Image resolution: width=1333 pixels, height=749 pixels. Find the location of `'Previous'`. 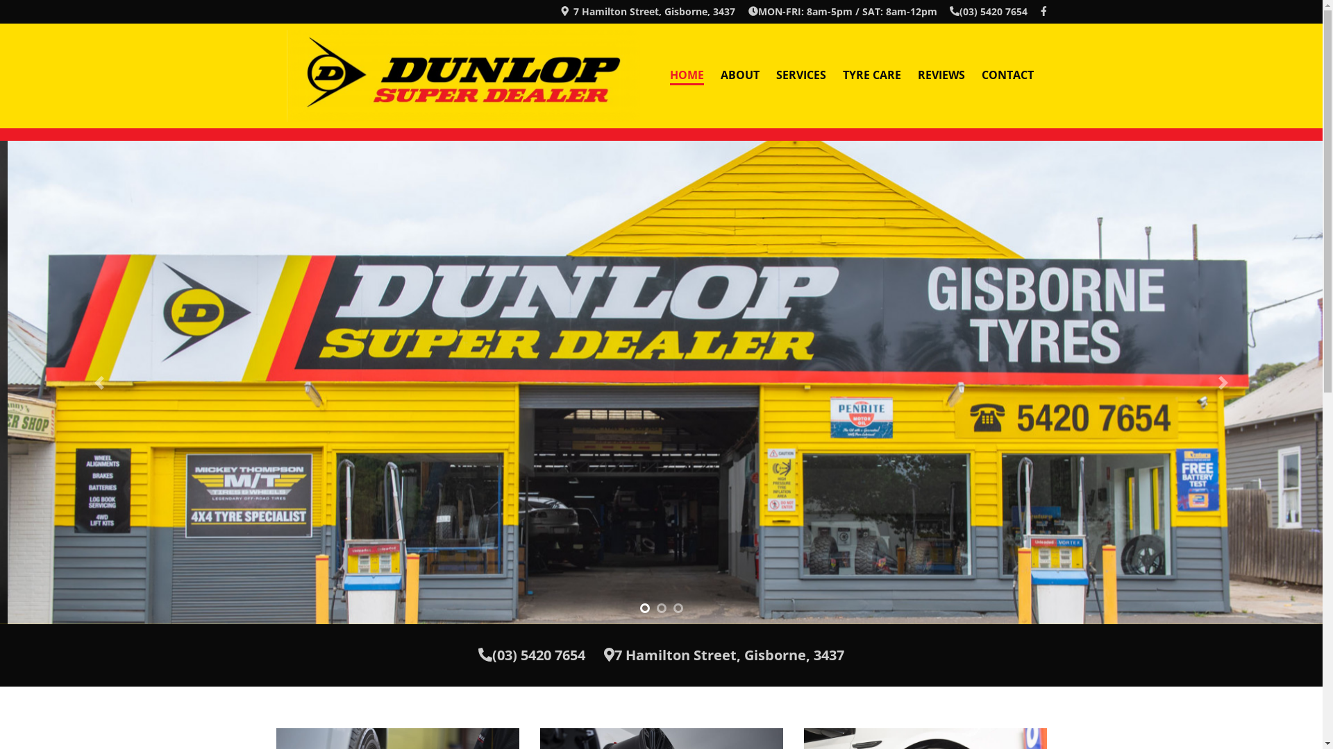

'Previous' is located at coordinates (0, 382).